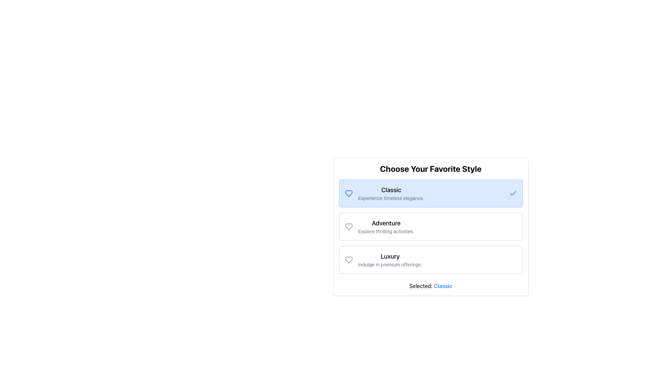  Describe the element at coordinates (391, 198) in the screenshot. I see `the static text element displaying 'Experience timeless elegance.' located beneath the title 'Classic'` at that location.